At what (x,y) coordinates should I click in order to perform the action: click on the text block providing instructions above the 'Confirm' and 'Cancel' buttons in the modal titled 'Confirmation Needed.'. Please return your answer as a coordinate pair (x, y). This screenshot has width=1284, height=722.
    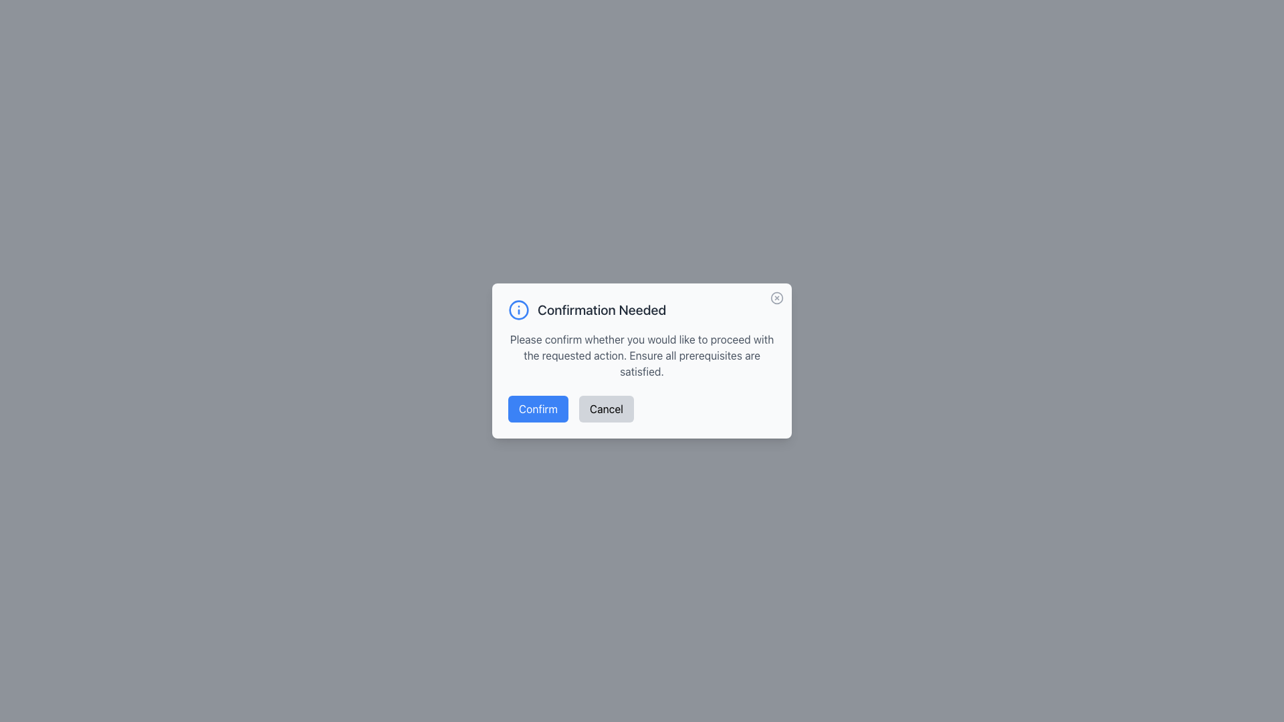
    Looking at the image, I should click on (642, 355).